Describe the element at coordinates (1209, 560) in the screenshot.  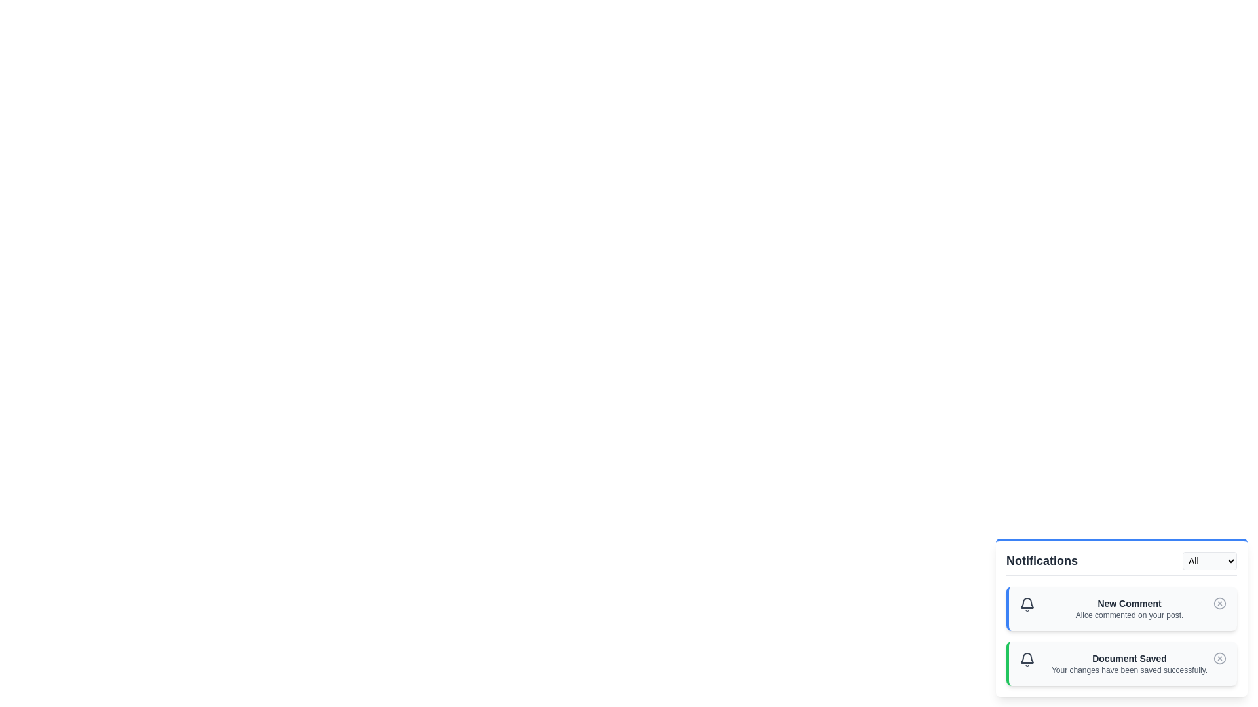
I see `the notification filter type to All` at that location.